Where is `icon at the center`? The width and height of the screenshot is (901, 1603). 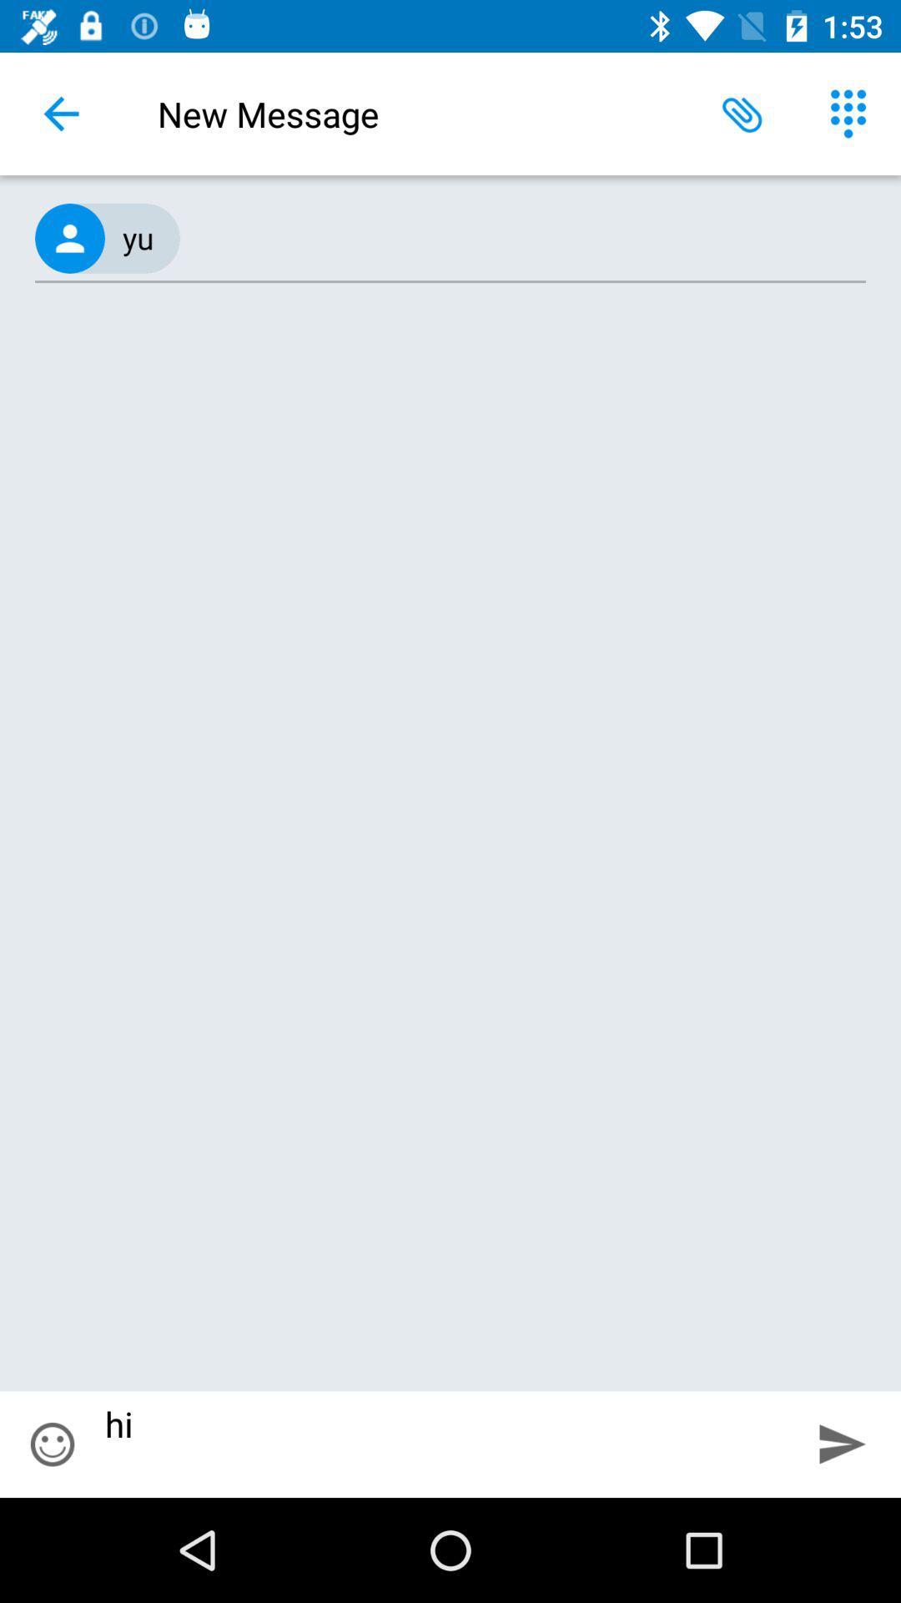 icon at the center is located at coordinates (450, 847).